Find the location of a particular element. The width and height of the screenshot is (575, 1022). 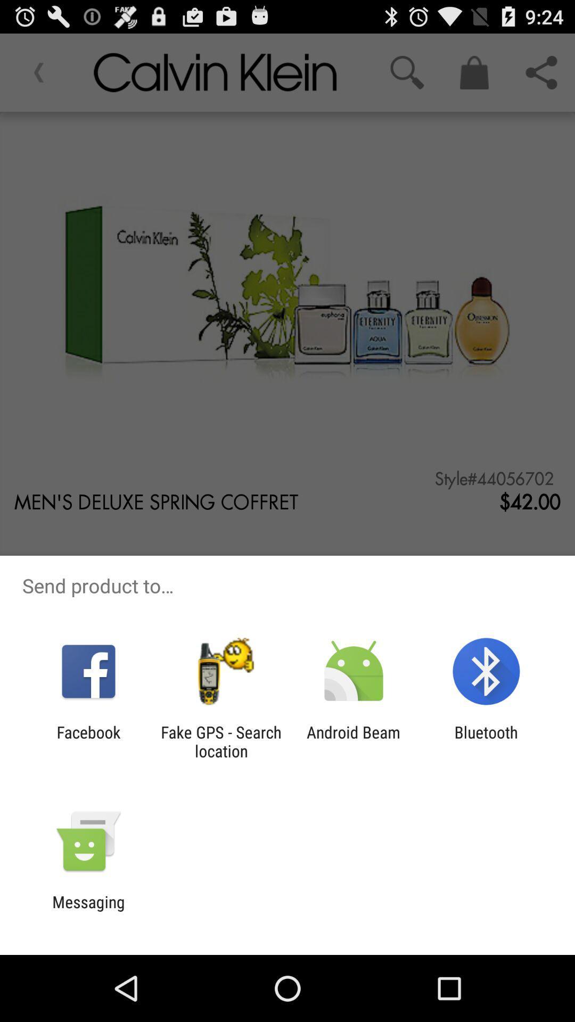

facebook app is located at coordinates (88, 741).